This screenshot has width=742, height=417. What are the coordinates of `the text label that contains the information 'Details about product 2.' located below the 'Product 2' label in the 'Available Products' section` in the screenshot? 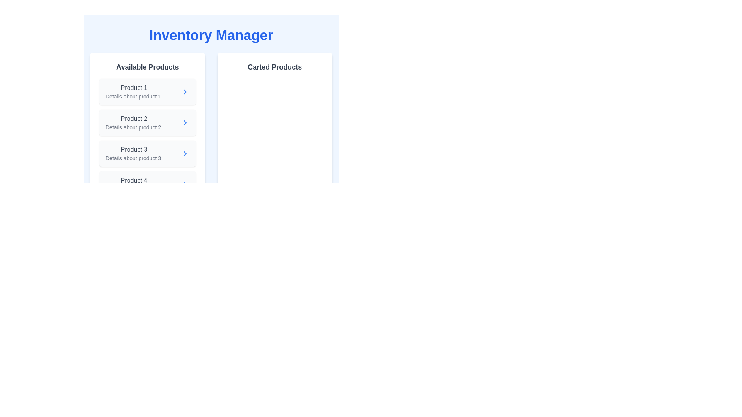 It's located at (134, 127).